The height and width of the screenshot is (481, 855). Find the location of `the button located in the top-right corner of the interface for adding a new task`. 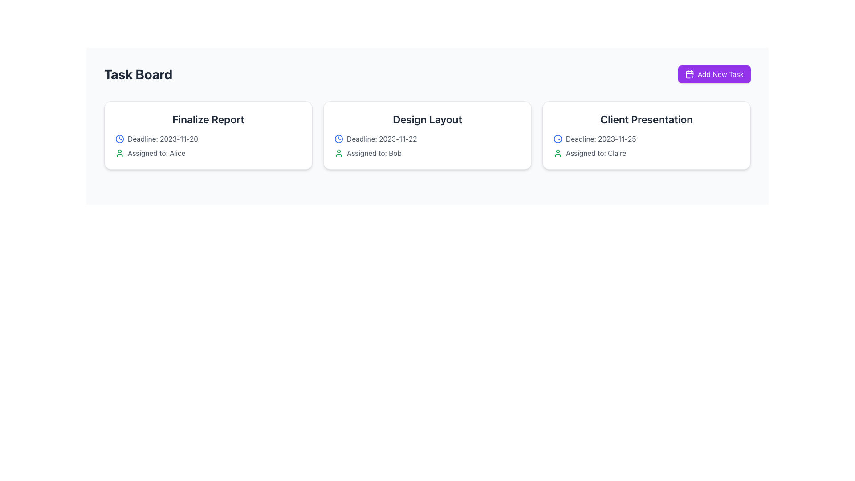

the button located in the top-right corner of the interface for adding a new task is located at coordinates (714, 73).